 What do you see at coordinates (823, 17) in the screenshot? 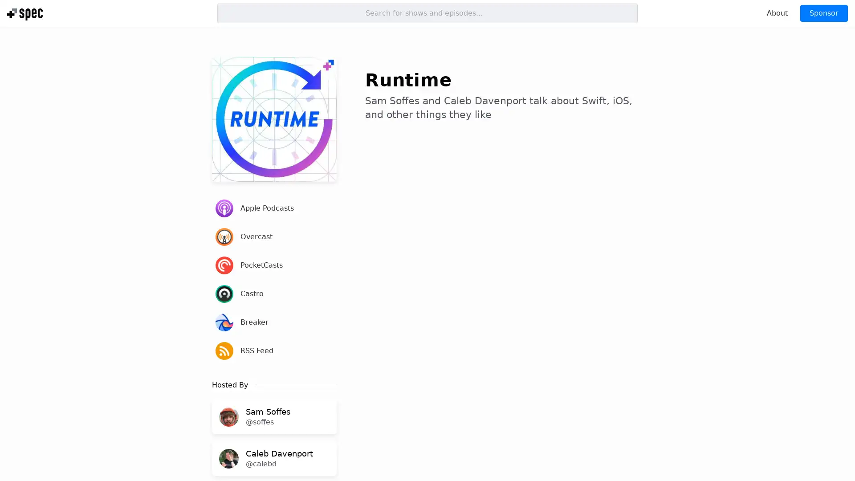
I see `Sponsor` at bounding box center [823, 17].